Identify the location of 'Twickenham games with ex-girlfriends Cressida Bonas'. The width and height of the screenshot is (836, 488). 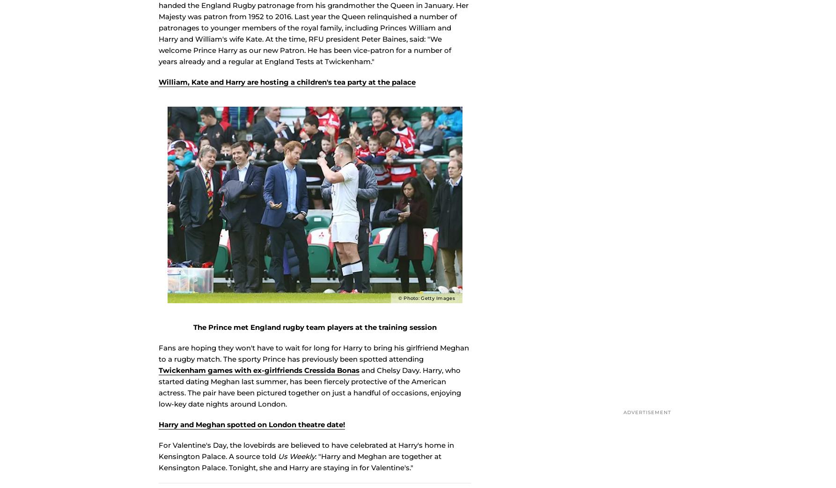
(258, 384).